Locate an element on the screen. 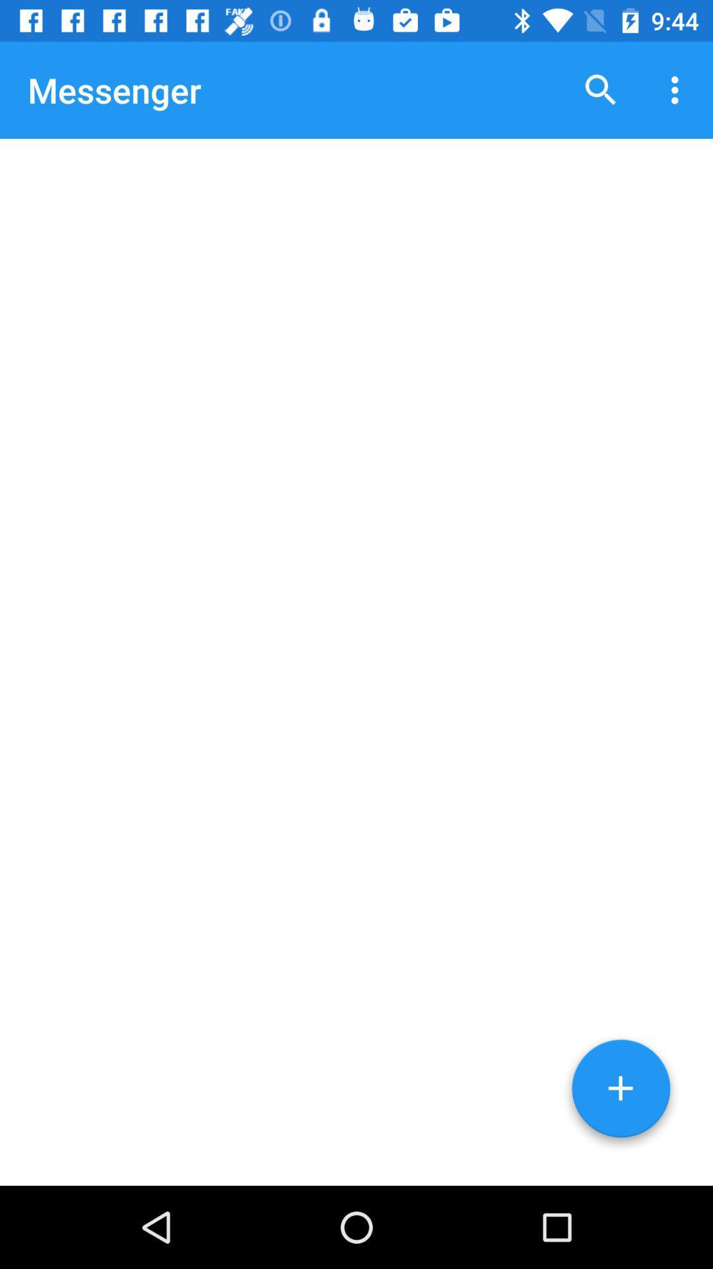 This screenshot has width=713, height=1269. item at the bottom right corner is located at coordinates (621, 1093).